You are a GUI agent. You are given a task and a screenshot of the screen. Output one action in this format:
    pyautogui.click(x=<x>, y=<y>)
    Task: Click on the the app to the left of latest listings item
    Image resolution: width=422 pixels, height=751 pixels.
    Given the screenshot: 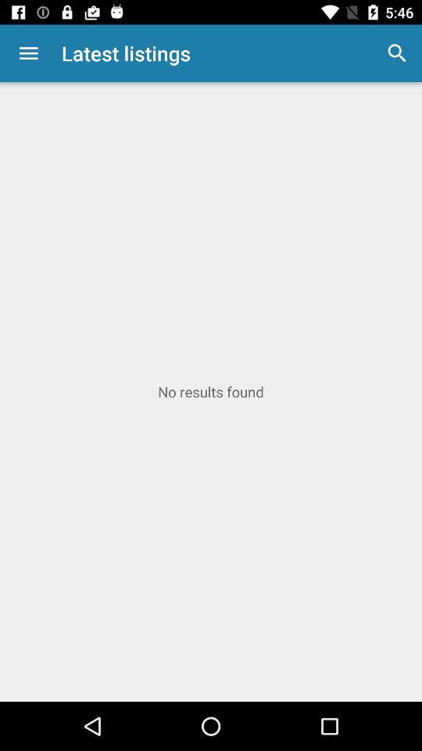 What is the action you would take?
    pyautogui.click(x=28, y=53)
    